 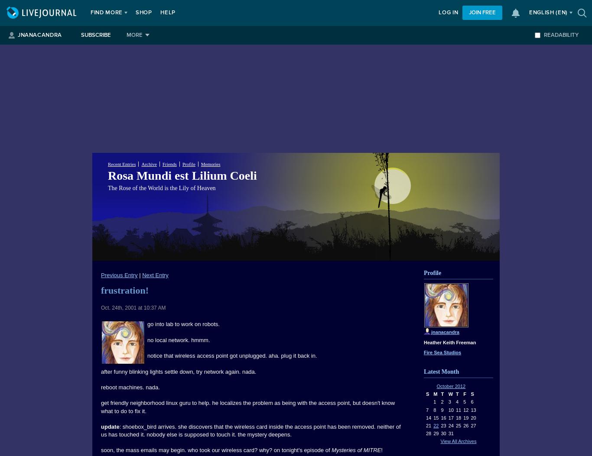 What do you see at coordinates (124, 290) in the screenshot?
I see `'frustration!'` at bounding box center [124, 290].